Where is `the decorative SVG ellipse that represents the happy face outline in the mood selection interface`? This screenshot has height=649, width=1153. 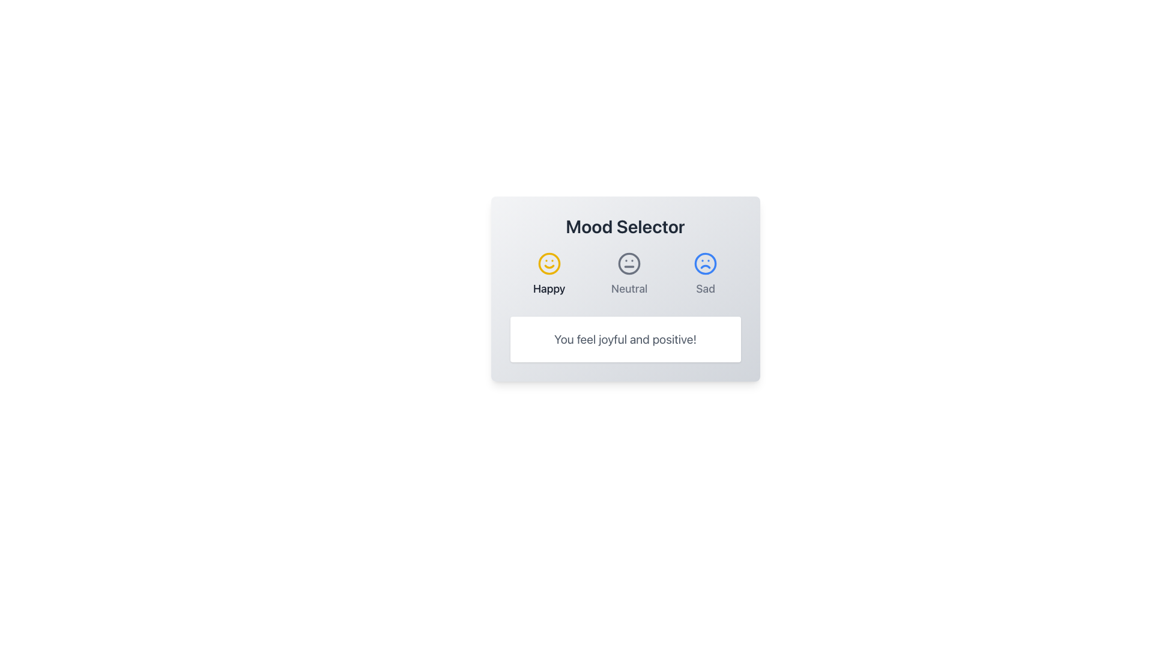 the decorative SVG ellipse that represents the happy face outline in the mood selection interface is located at coordinates (548, 263).